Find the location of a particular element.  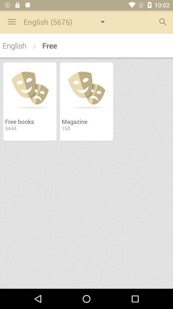

the button which is left side of the search is located at coordinates (68, 22).